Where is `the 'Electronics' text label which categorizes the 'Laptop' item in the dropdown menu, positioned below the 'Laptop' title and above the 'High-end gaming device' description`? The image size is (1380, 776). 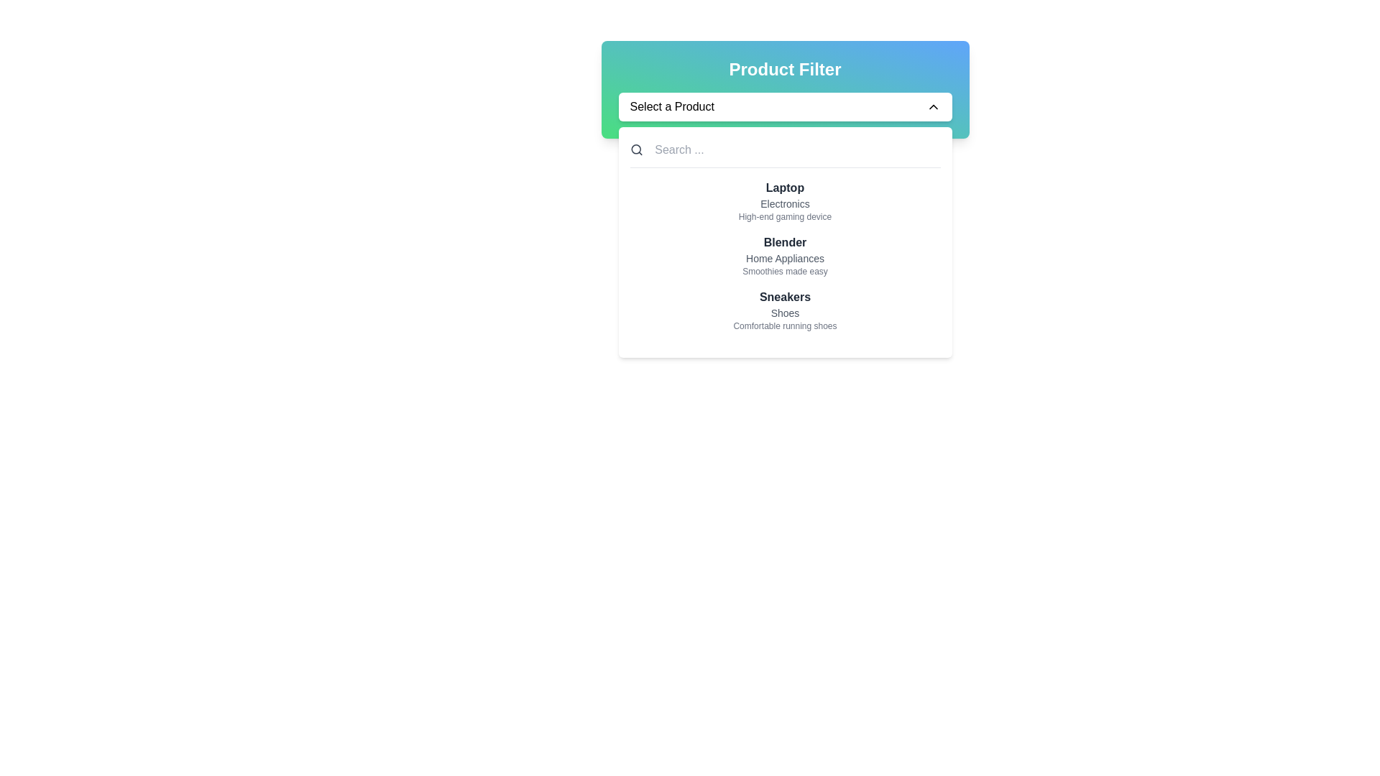 the 'Electronics' text label which categorizes the 'Laptop' item in the dropdown menu, positioned below the 'Laptop' title and above the 'High-end gaming device' description is located at coordinates (784, 204).